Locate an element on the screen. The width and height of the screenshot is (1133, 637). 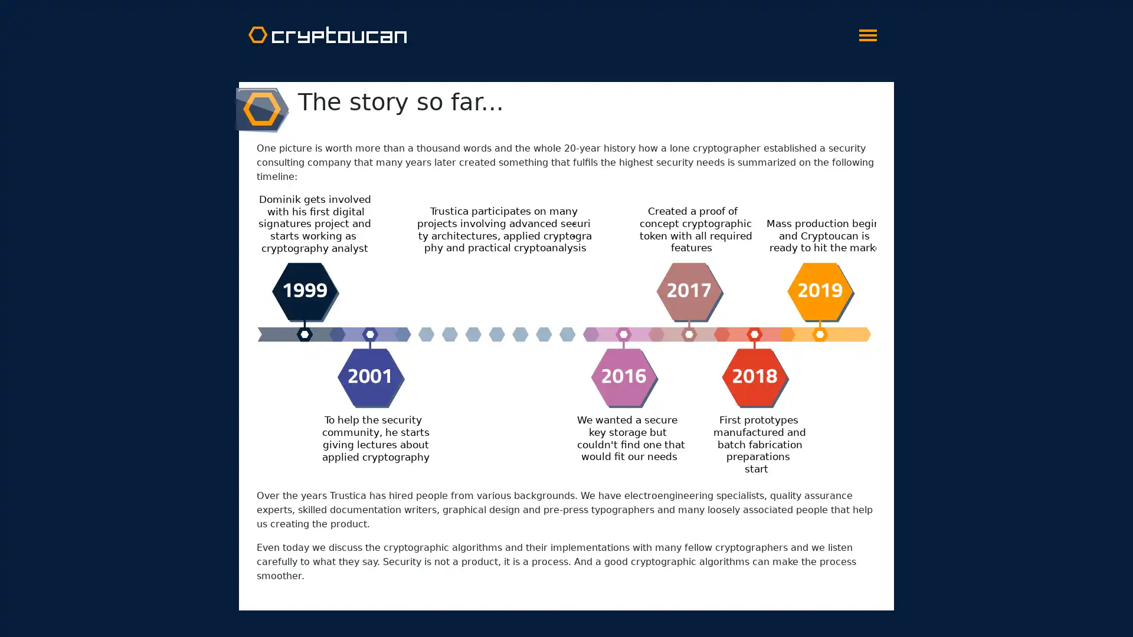
Toggle navigation is located at coordinates (867, 31).